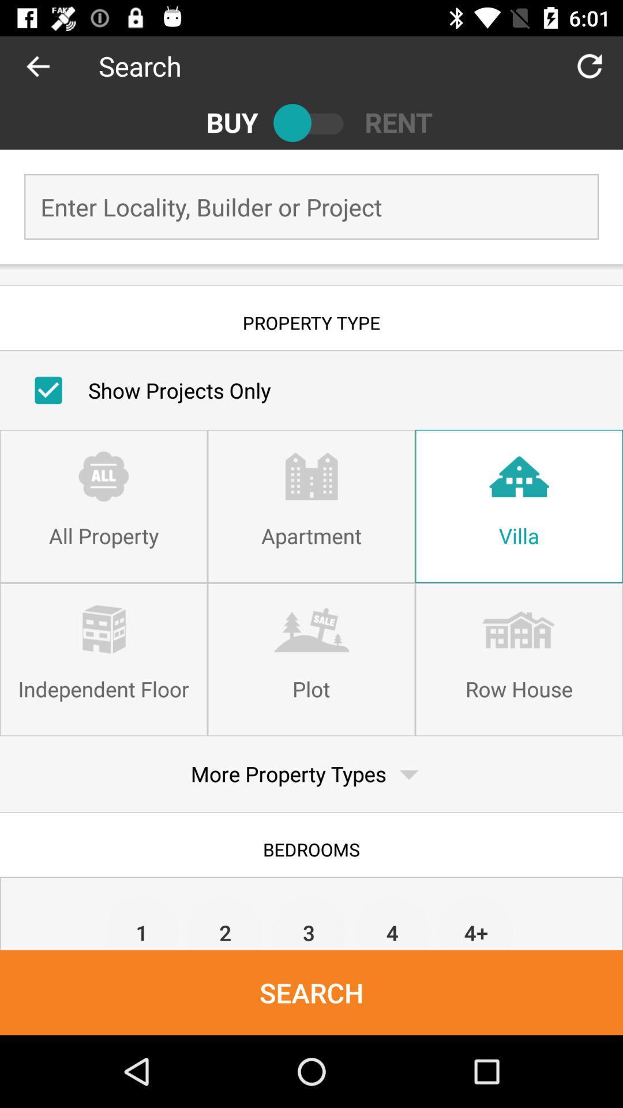  What do you see at coordinates (311, 207) in the screenshot?
I see `information` at bounding box center [311, 207].